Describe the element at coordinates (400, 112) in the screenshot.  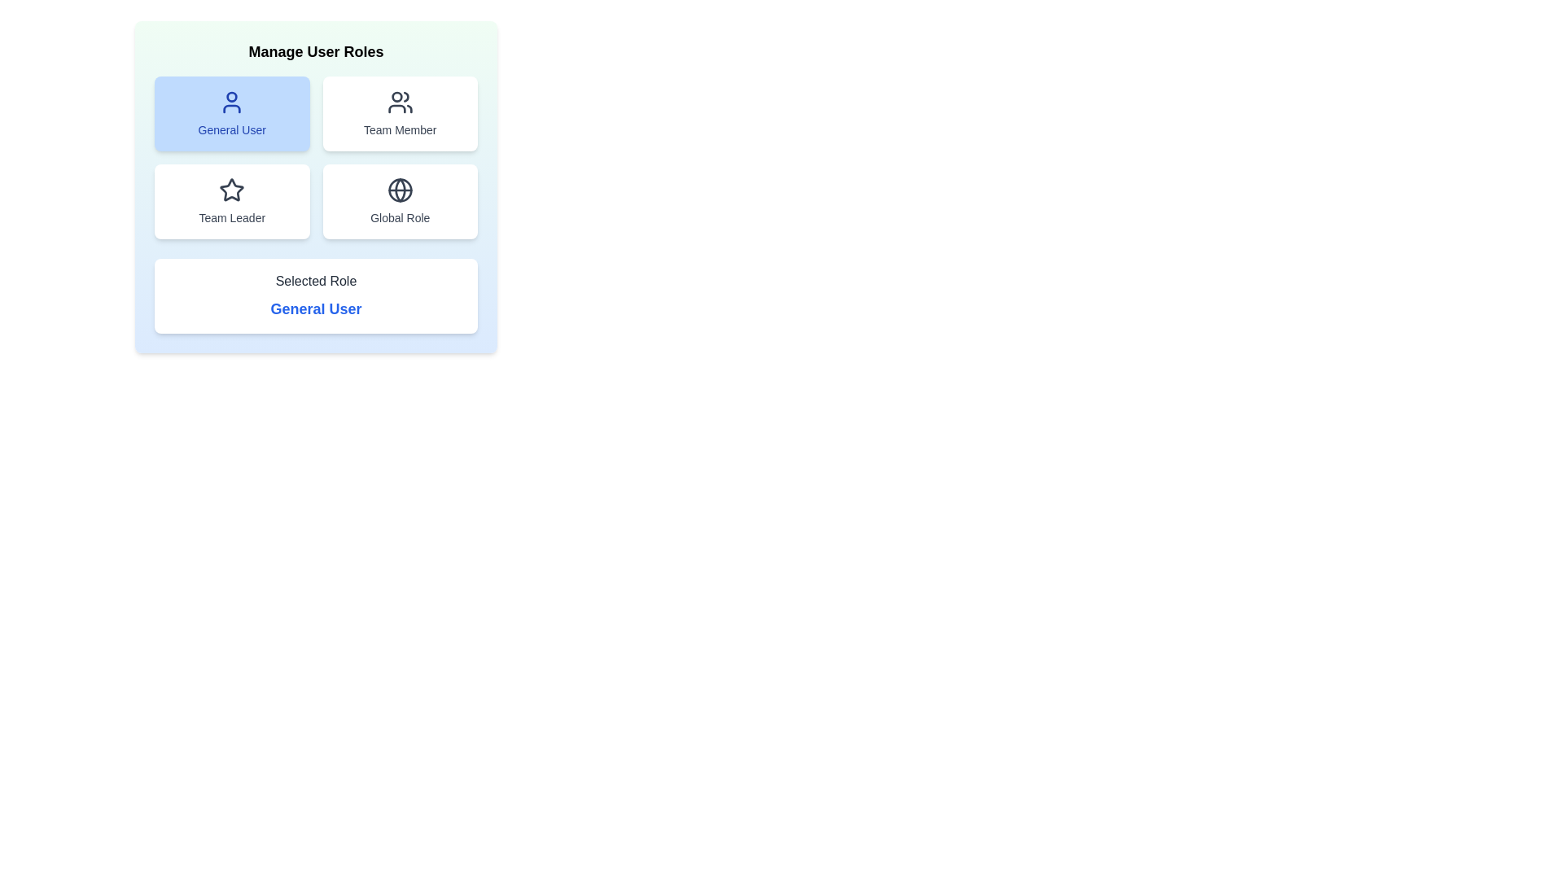
I see `the button labeled Team Member to observe its hover effect` at that location.